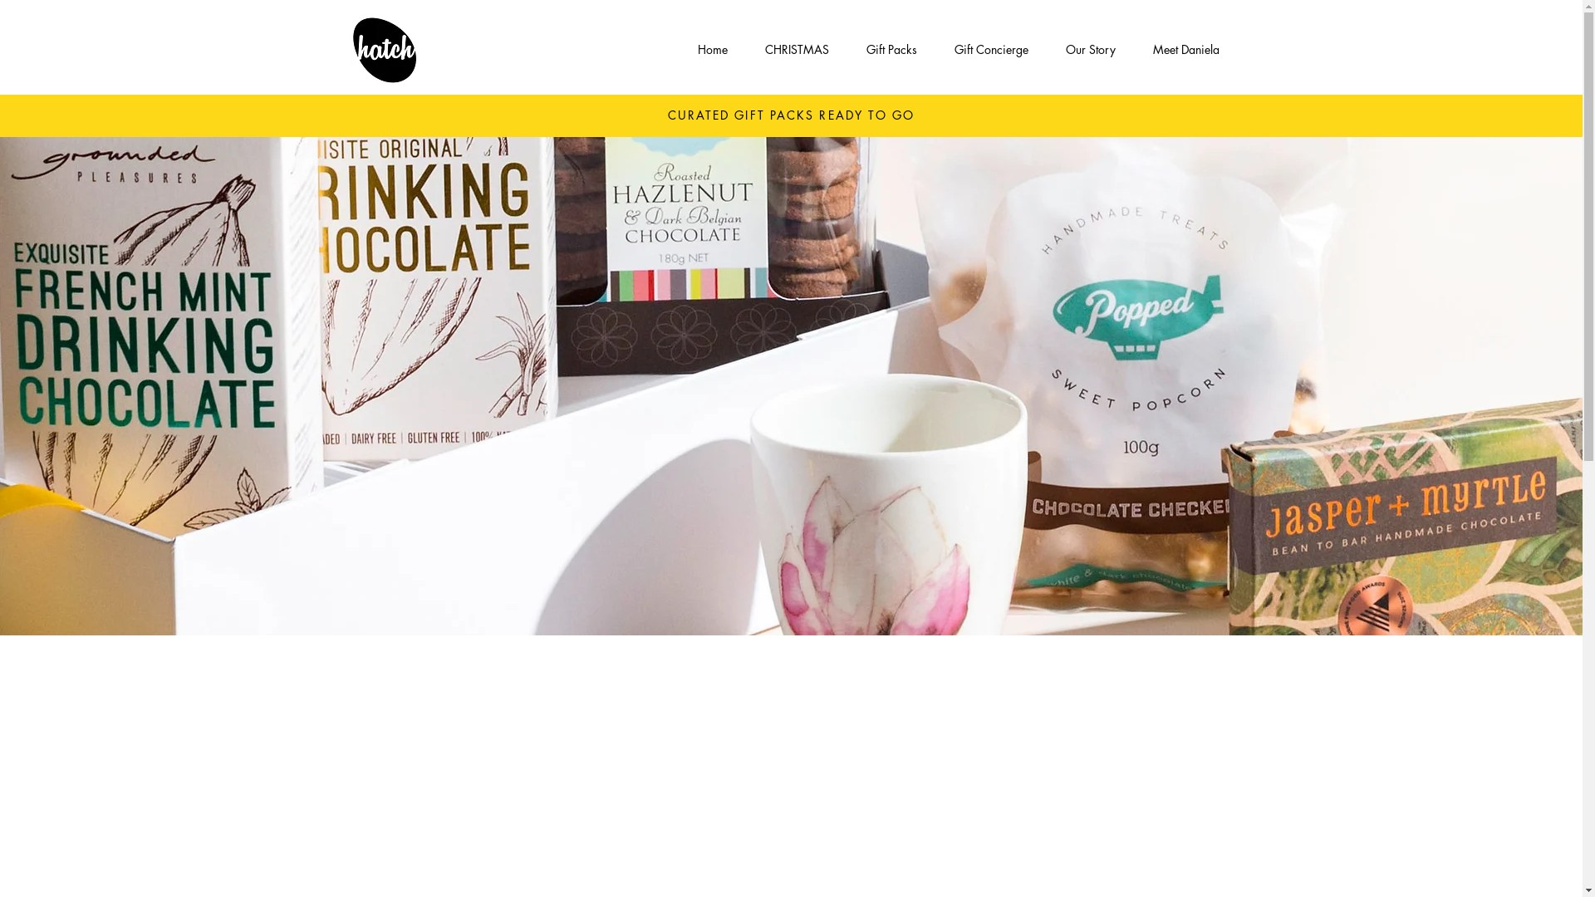 The image size is (1595, 897). Describe the element at coordinates (991, 49) in the screenshot. I see `'Gift Concierge'` at that location.